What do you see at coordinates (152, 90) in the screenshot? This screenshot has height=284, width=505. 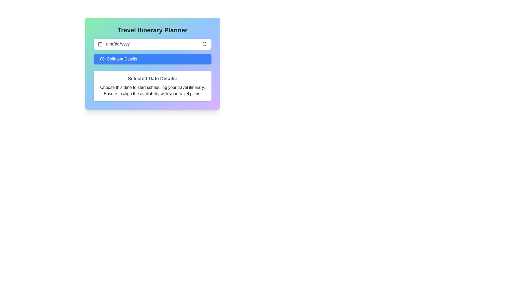 I see `the static text providing guidance about scheduling a travel itinerary, located below the 'Selected Date Details:' header` at bounding box center [152, 90].